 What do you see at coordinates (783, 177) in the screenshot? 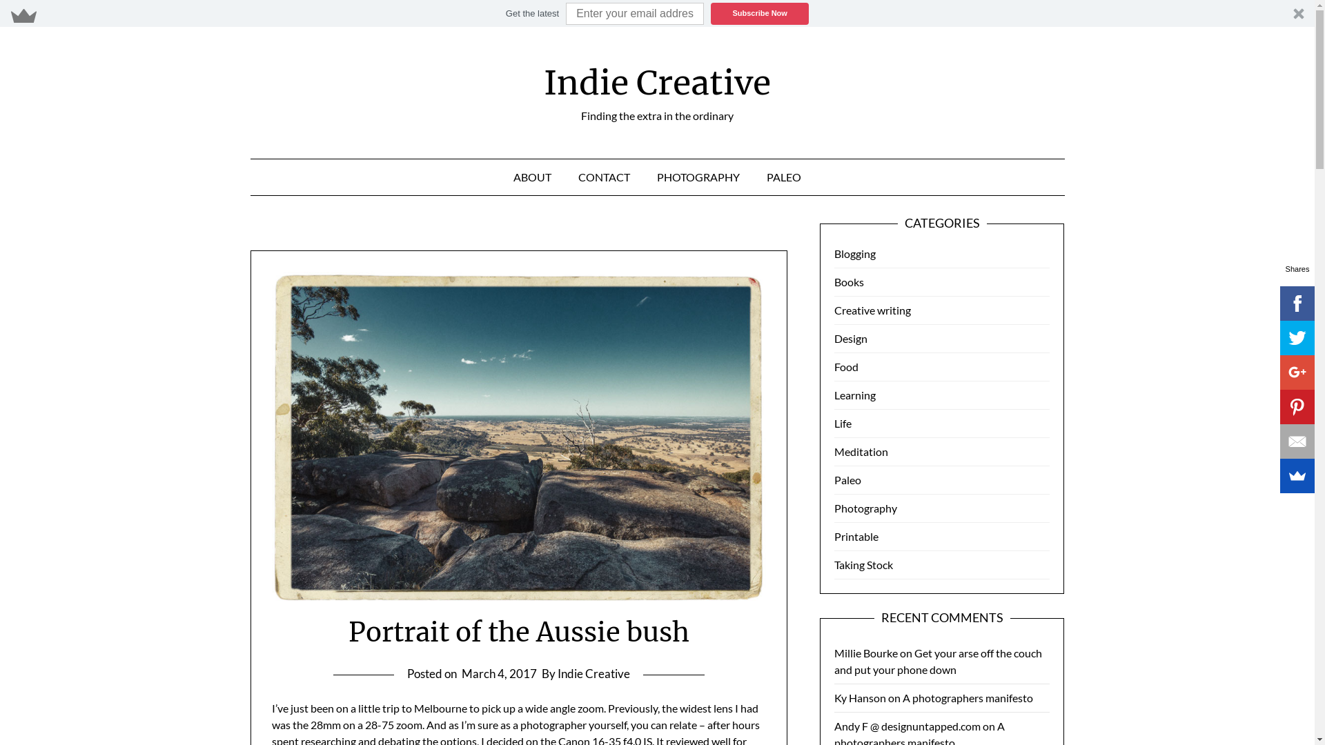
I see `'PALEO'` at bounding box center [783, 177].